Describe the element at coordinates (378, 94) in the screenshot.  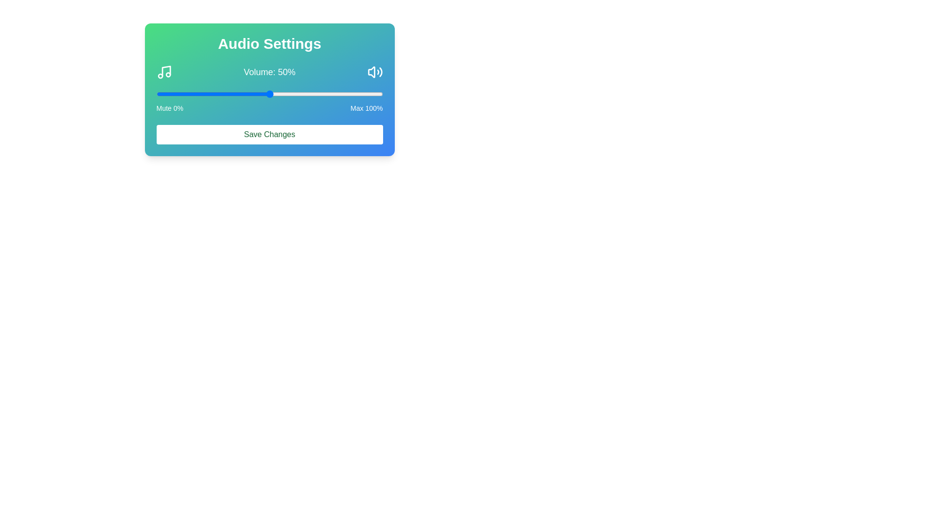
I see `the volume slider to 98%` at that location.